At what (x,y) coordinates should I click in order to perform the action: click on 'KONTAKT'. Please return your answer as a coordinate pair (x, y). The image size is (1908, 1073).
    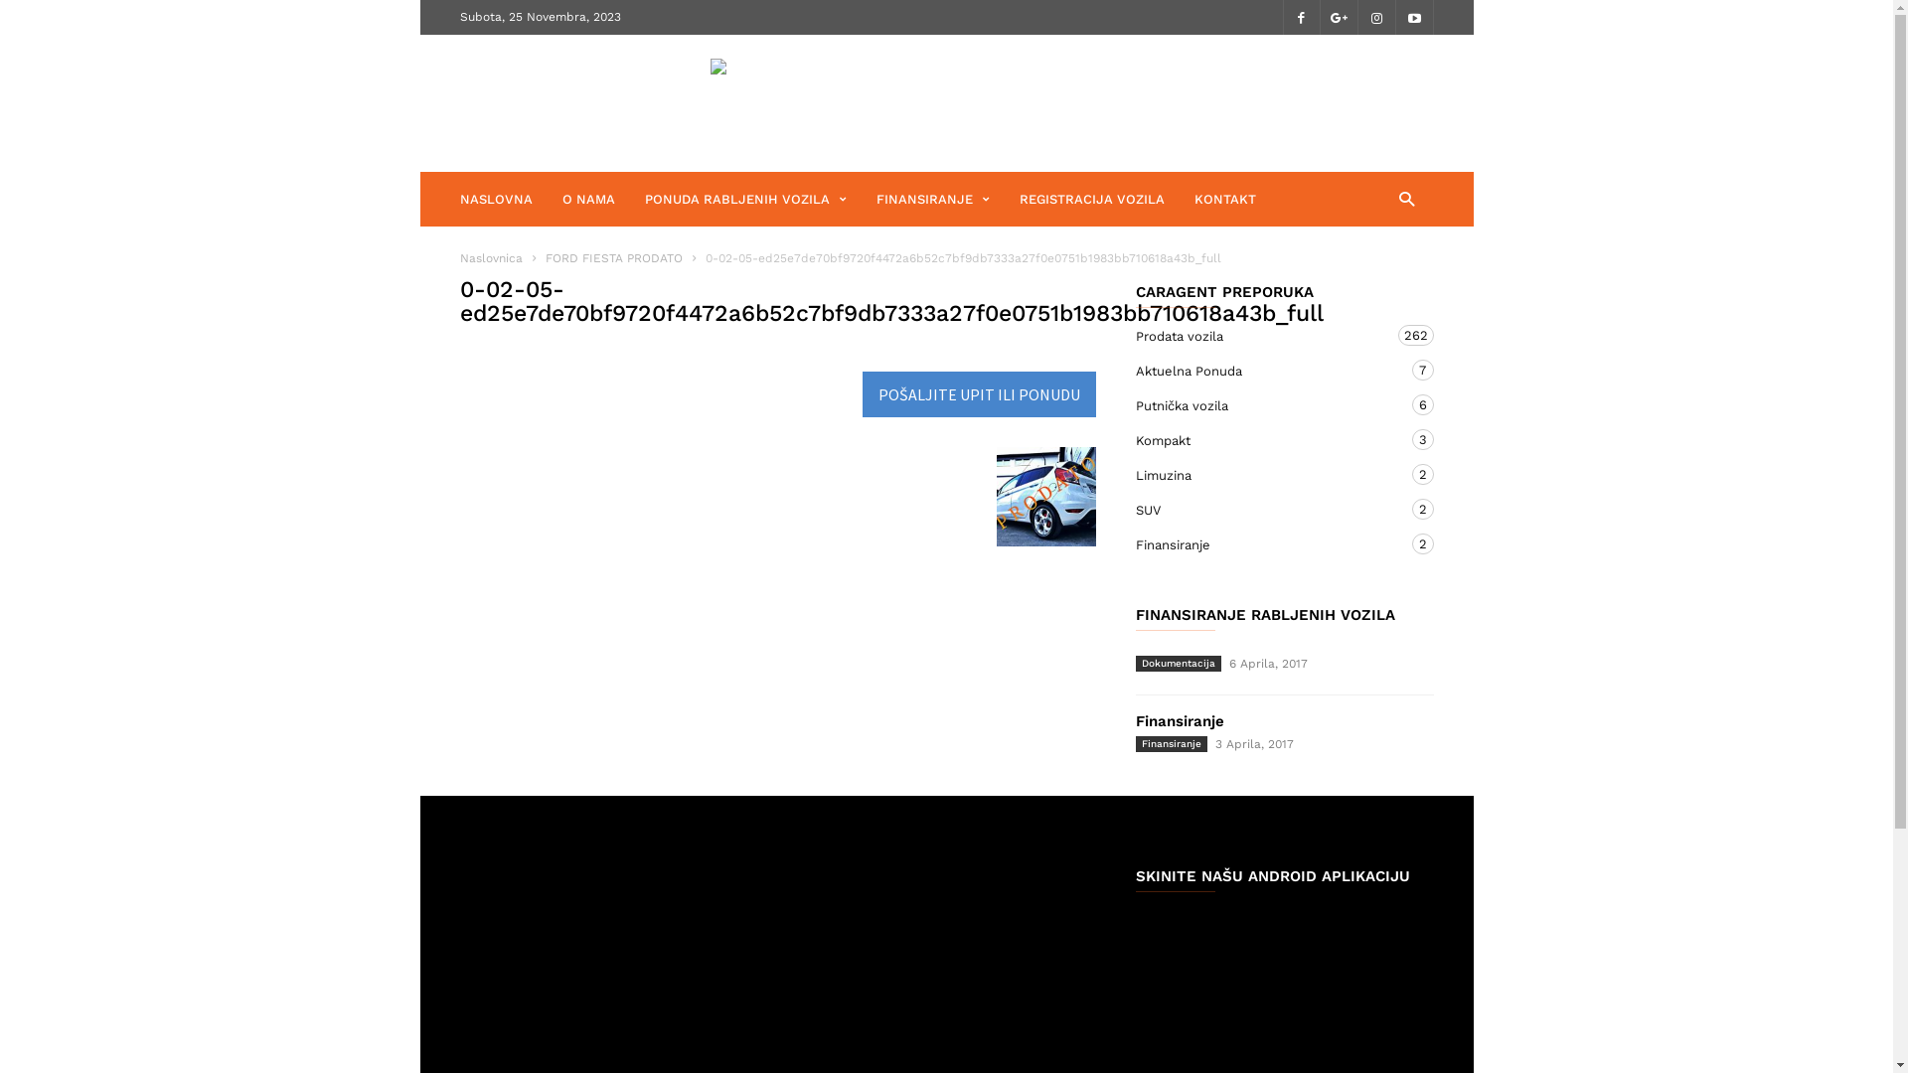
    Looking at the image, I should click on (1224, 199).